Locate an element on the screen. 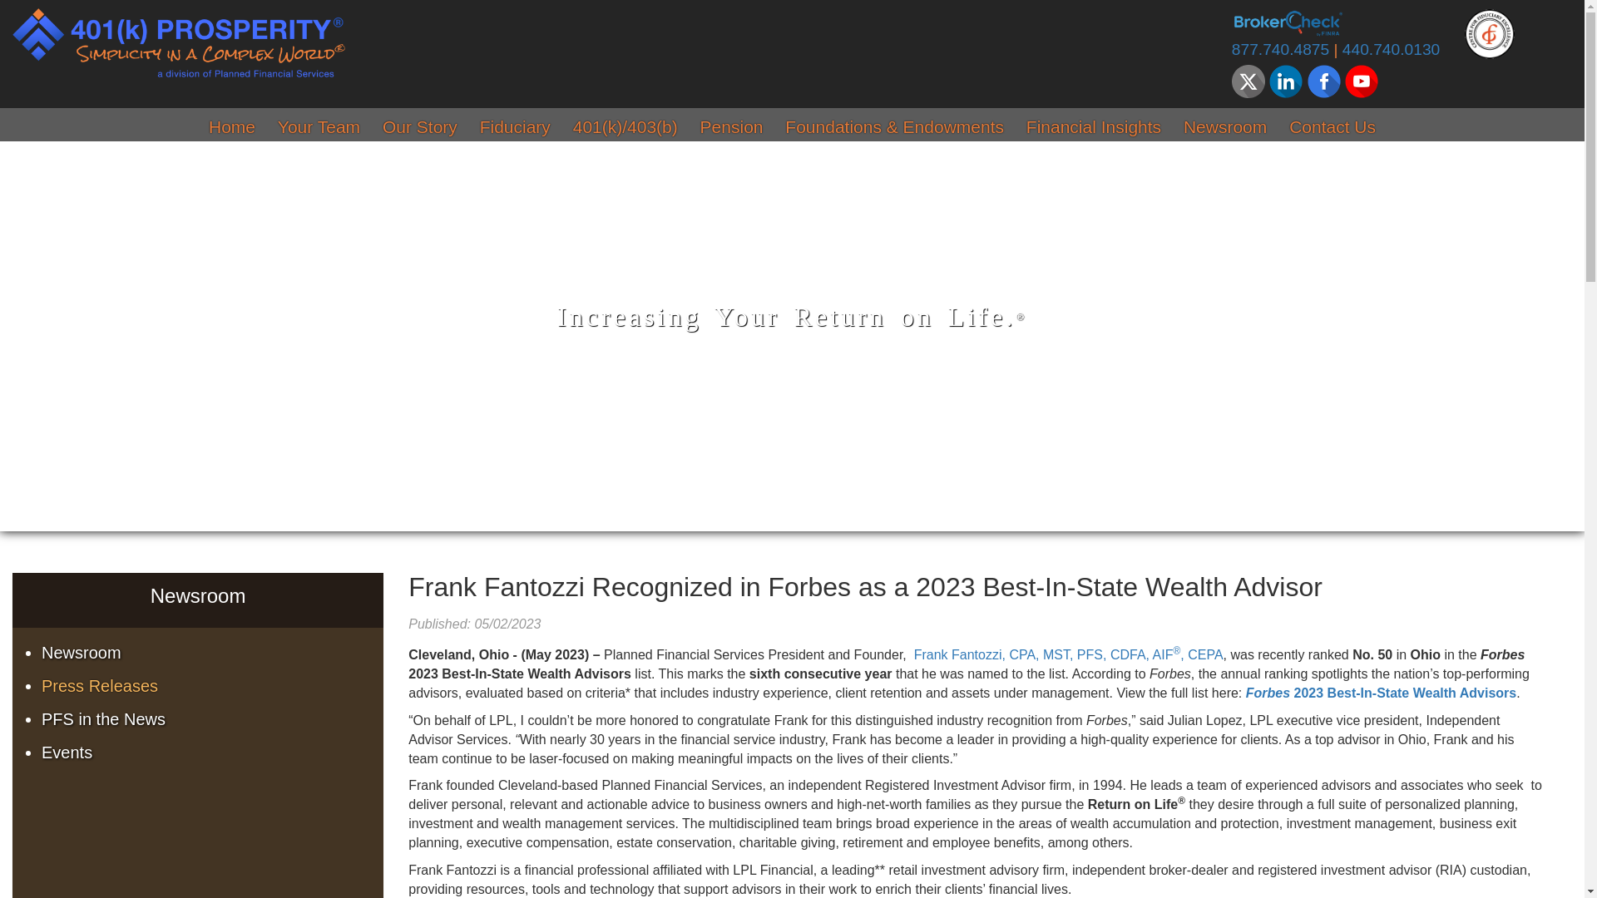  'Press Releases' is located at coordinates (41, 686).